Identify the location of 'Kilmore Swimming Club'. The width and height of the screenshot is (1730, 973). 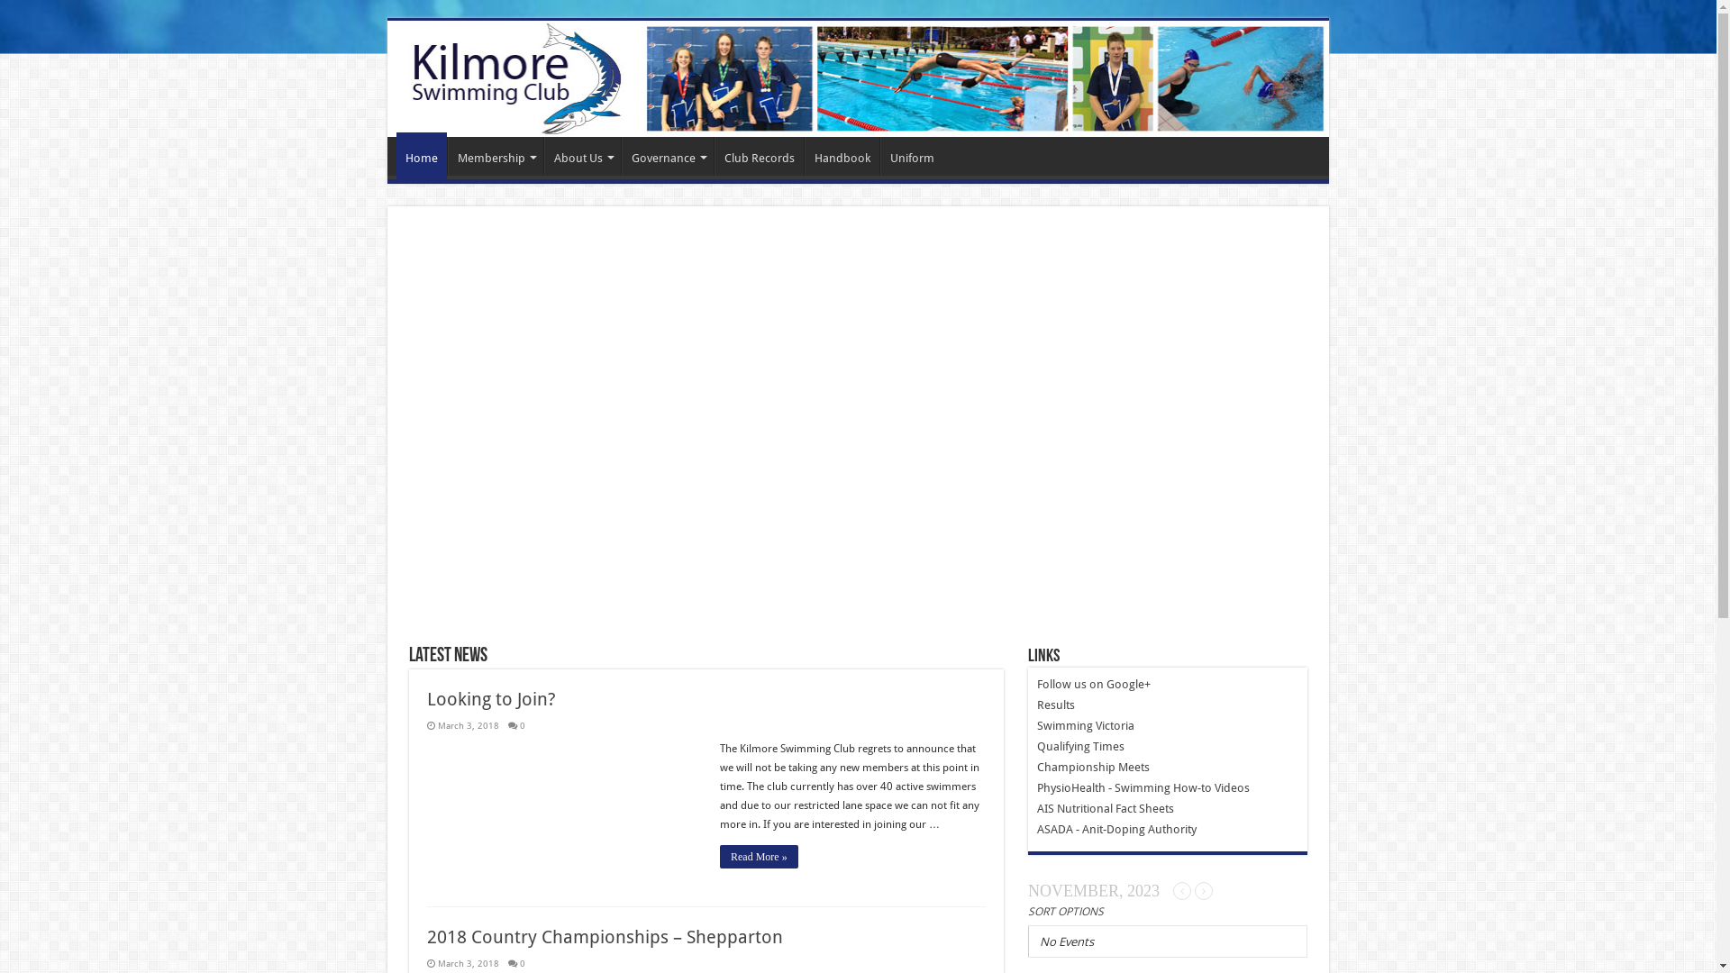
(387, 77).